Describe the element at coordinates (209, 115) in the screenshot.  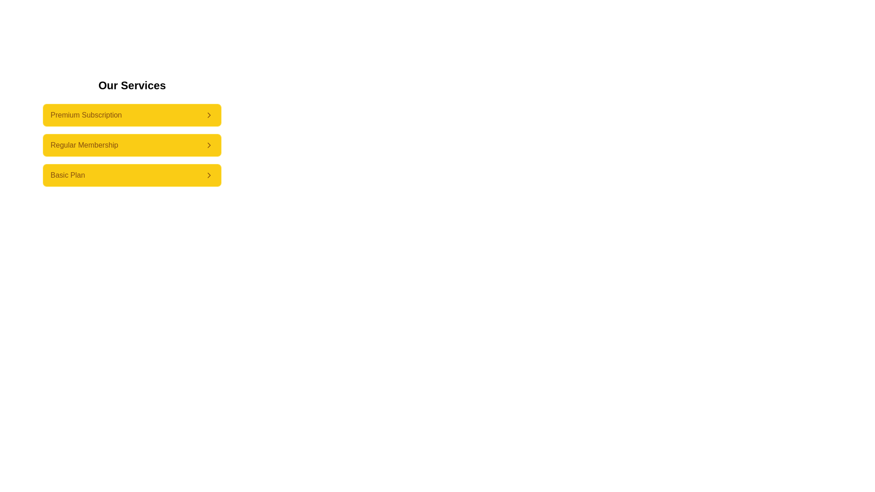
I see `the right-facing chevron icon of the 'Premium Subscription' button to trigger the tooltip or hover effect` at that location.